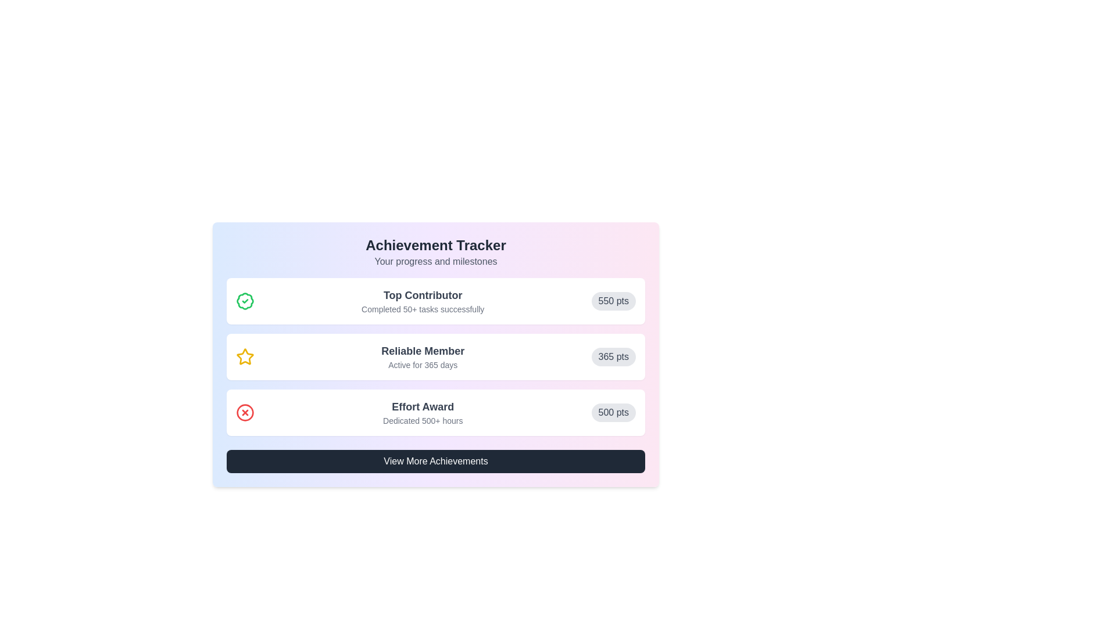 Image resolution: width=1116 pixels, height=627 pixels. Describe the element at coordinates (245, 301) in the screenshot. I see `the 'Top Contributor' achievement icon located on the far left of the achievement tracker row` at that location.